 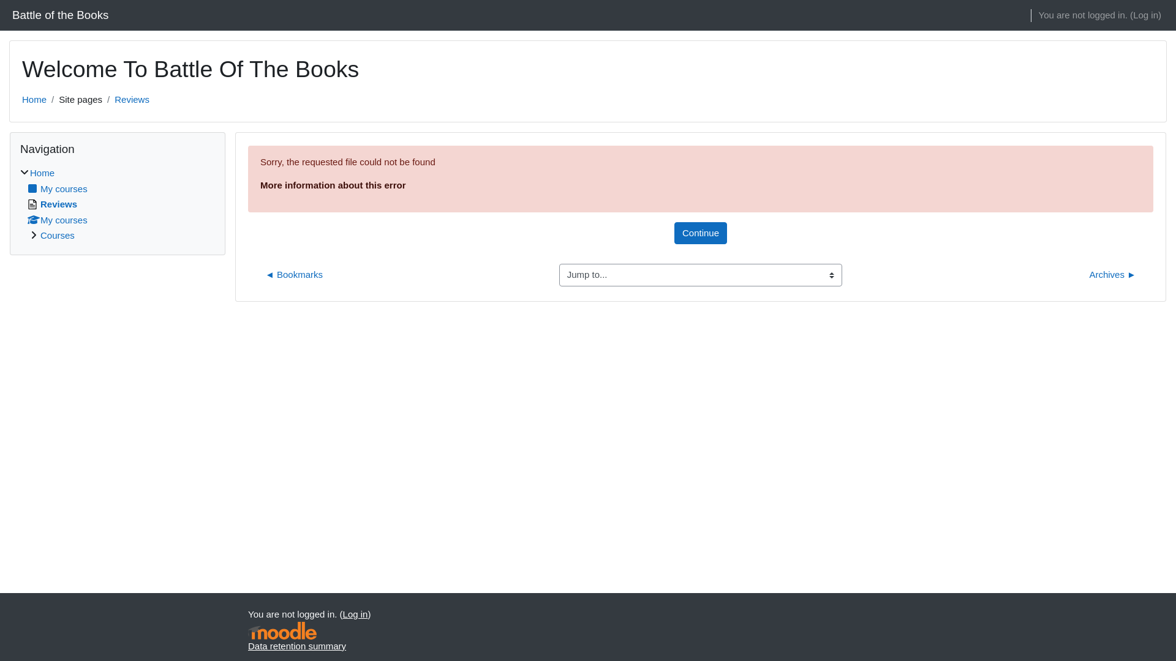 I want to click on 'More information about this error', so click(x=333, y=185).